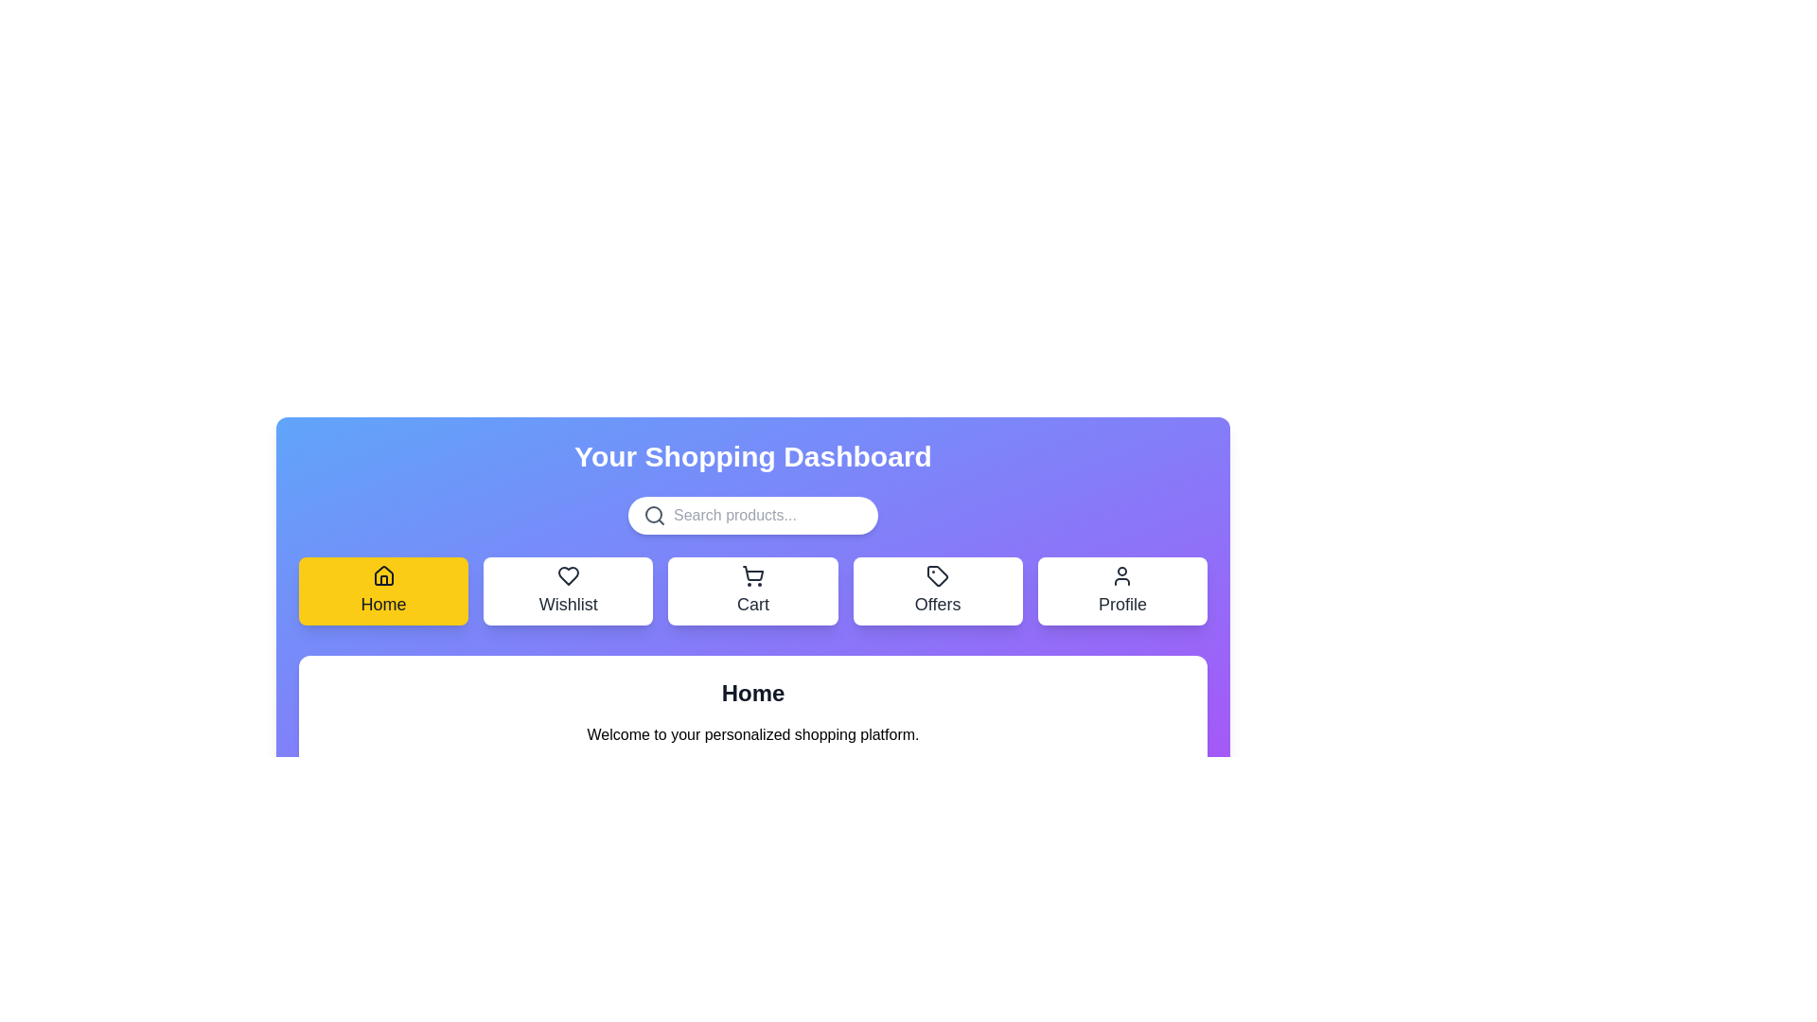 The height and width of the screenshot is (1022, 1817). Describe the element at coordinates (767, 515) in the screenshot. I see `the text input field with the placeholder text 'Search products...'` at that location.